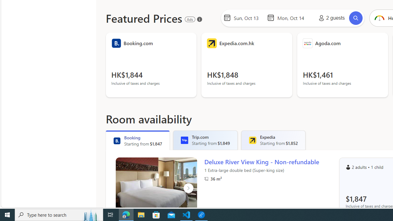  I want to click on 'Search', so click(356, 17).